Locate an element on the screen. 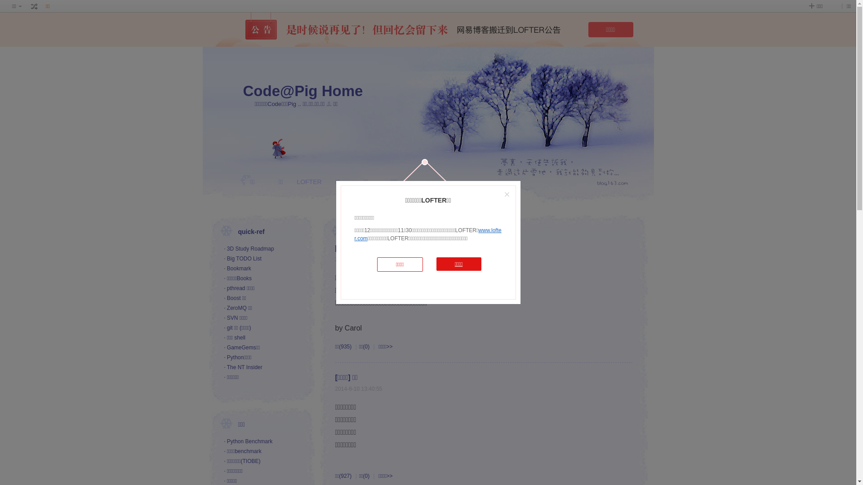 The height and width of the screenshot is (485, 863). 'The NT Insider' is located at coordinates (227, 367).